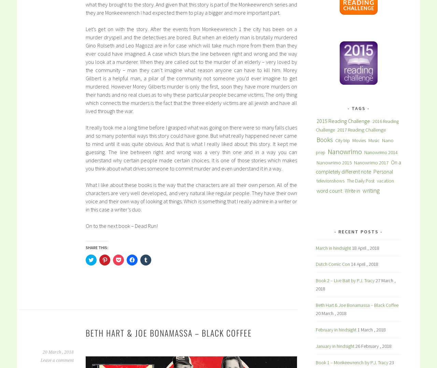 Image resolution: width=437 pixels, height=368 pixels. I want to click on 'January in hindsight', so click(335, 346).